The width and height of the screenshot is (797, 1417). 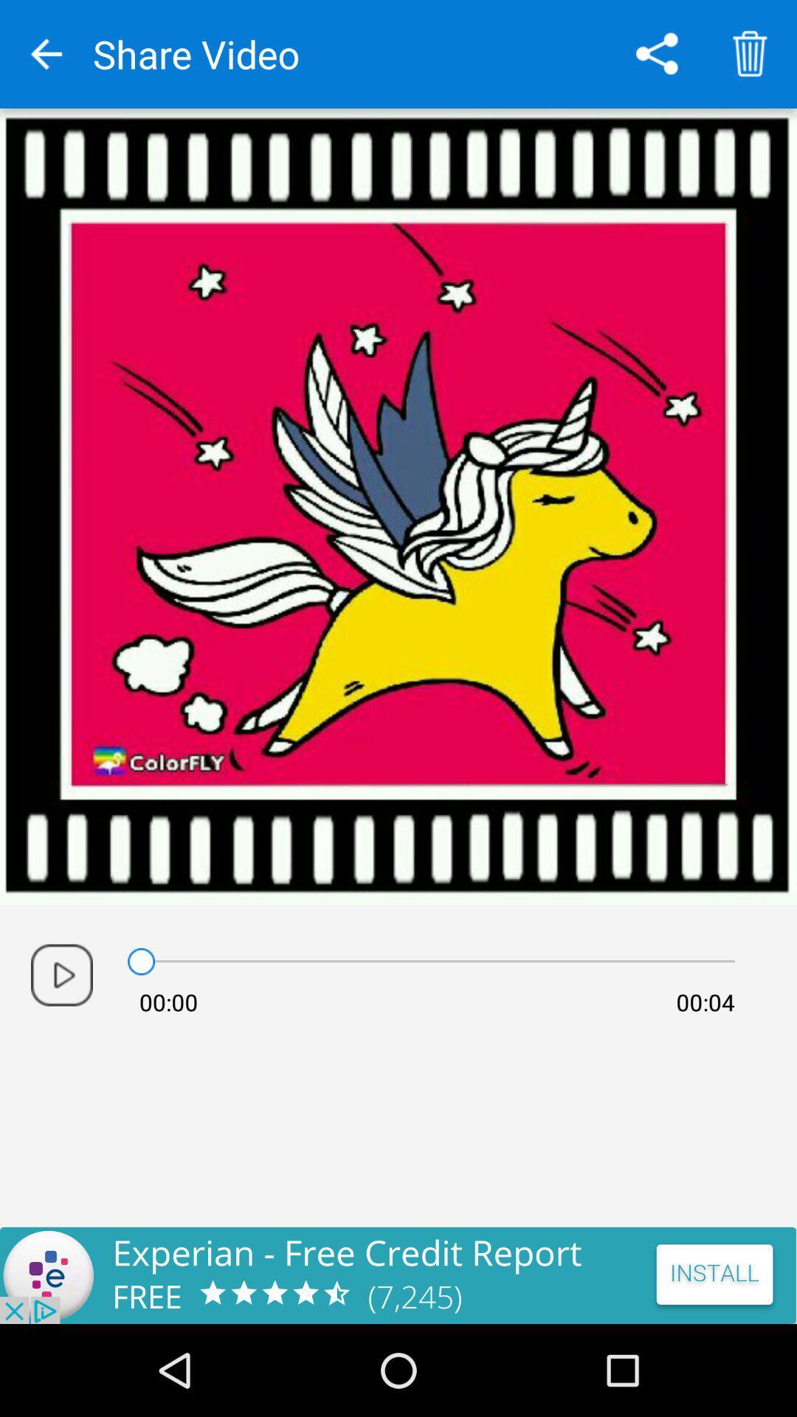 I want to click on advertisement, so click(x=398, y=1275).